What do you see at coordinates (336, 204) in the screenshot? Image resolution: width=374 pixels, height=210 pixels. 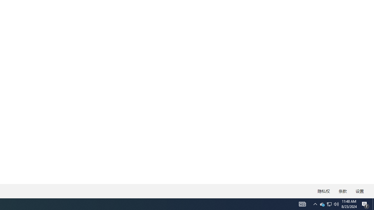 I see `'Q2790: 100%'` at bounding box center [336, 204].